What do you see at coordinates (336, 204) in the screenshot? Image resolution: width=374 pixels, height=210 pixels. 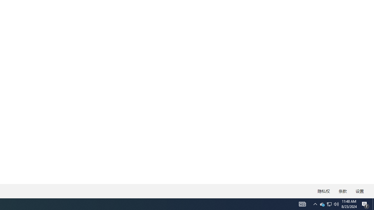 I see `'Q2790: 100%'` at bounding box center [336, 204].